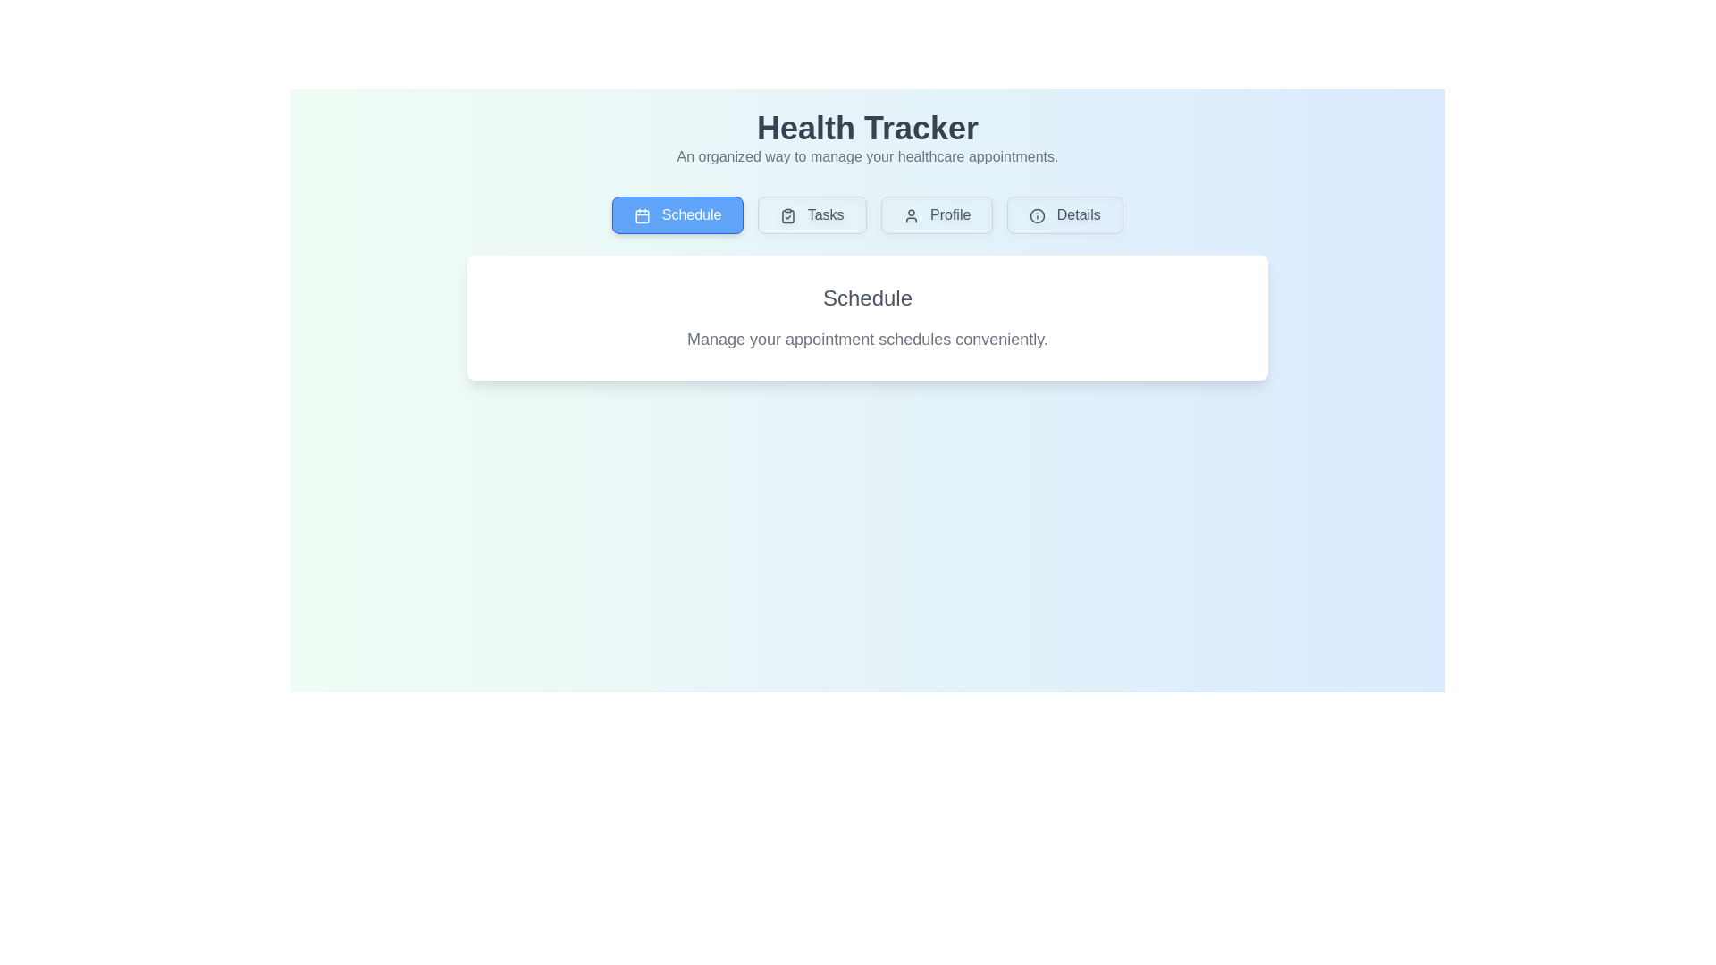 Image resolution: width=1716 pixels, height=965 pixels. I want to click on the tab button labeled Profile, so click(936, 214).